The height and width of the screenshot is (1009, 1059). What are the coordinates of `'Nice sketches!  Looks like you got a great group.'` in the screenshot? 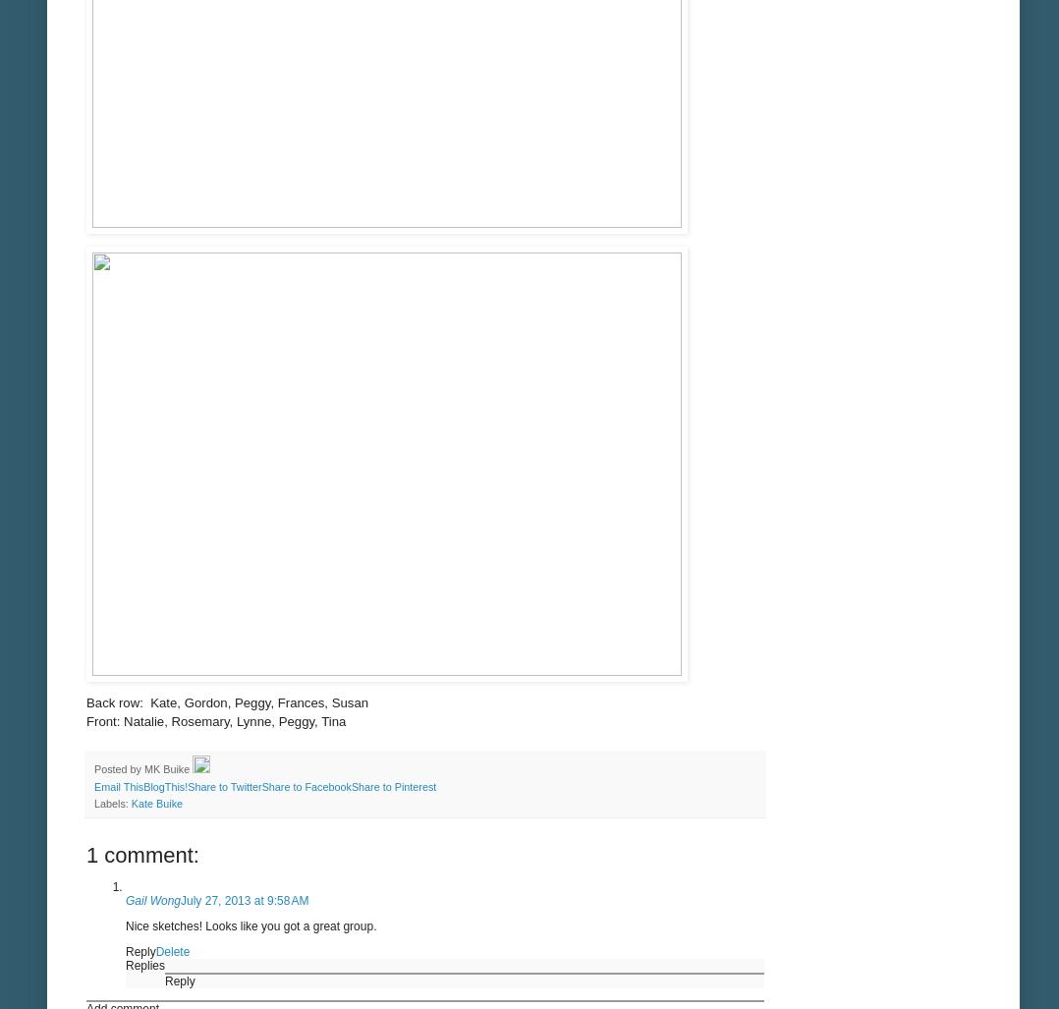 It's located at (250, 925).